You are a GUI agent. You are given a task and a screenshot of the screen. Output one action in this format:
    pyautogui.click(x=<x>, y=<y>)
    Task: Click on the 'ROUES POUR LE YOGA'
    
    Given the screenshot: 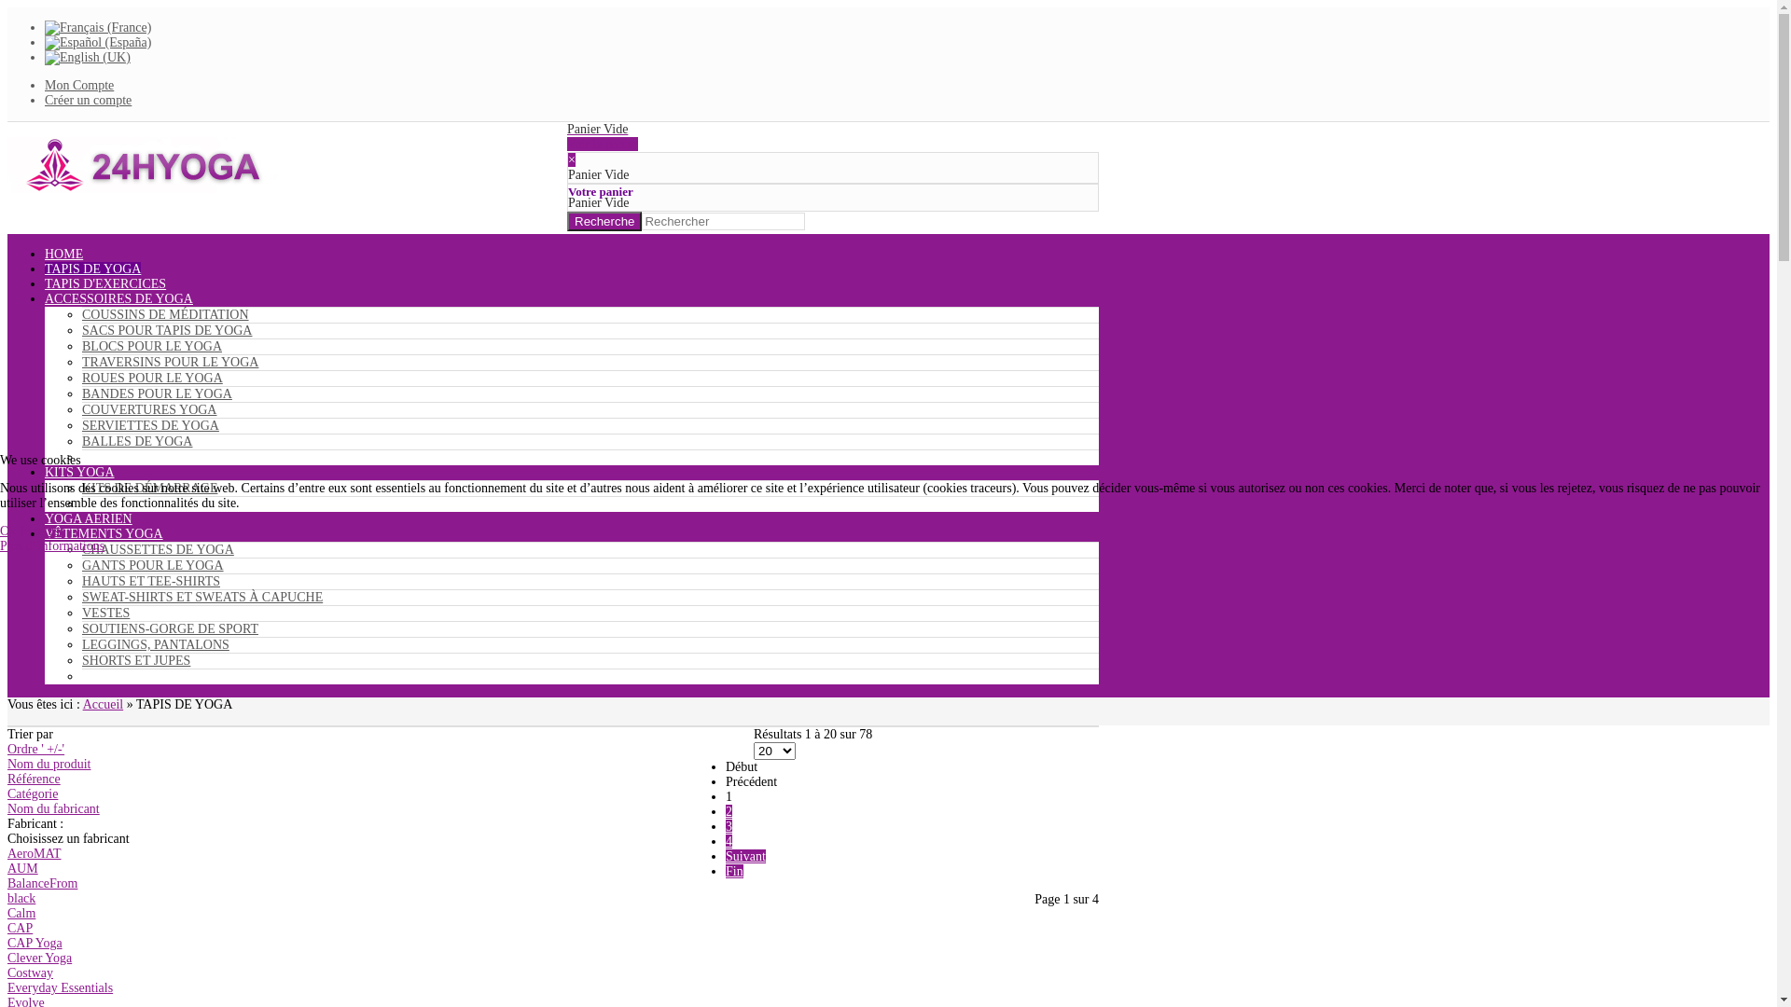 What is the action you would take?
    pyautogui.click(x=80, y=378)
    